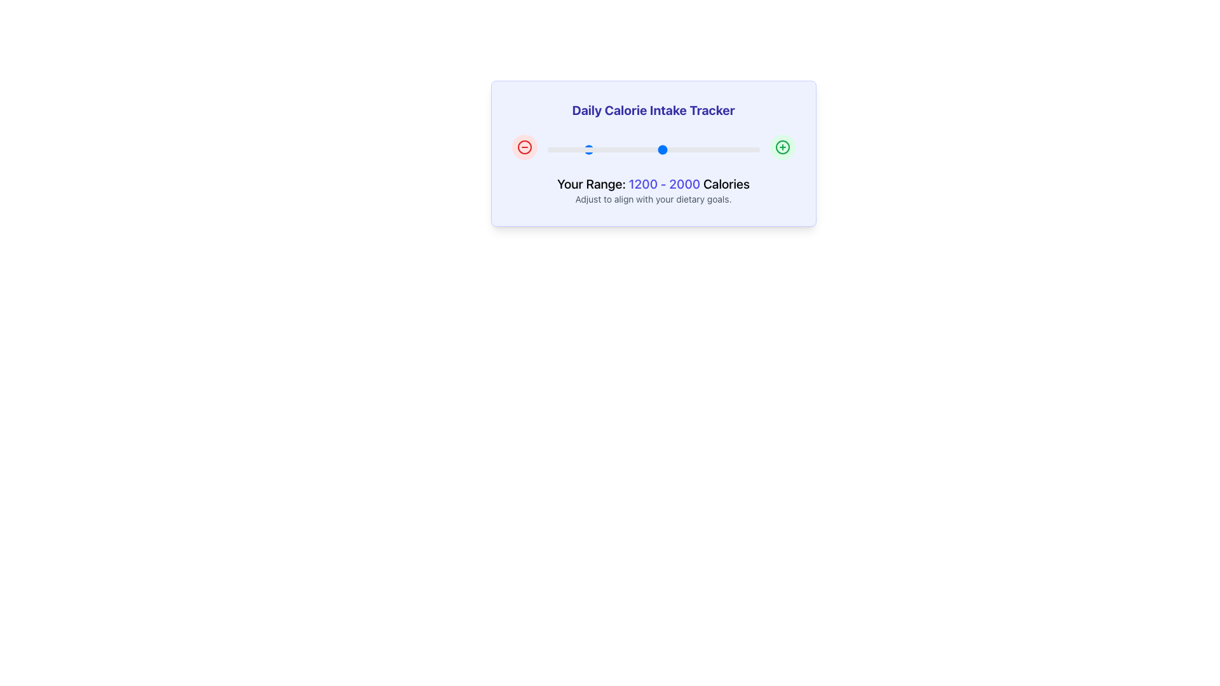  I want to click on the delete icon located inside the rounded button on the left side of the horizontal UI segment, so click(524, 146).